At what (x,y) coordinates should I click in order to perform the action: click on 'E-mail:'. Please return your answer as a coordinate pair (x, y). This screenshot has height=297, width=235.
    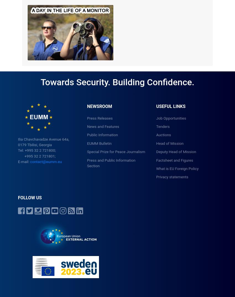
    Looking at the image, I should click on (24, 162).